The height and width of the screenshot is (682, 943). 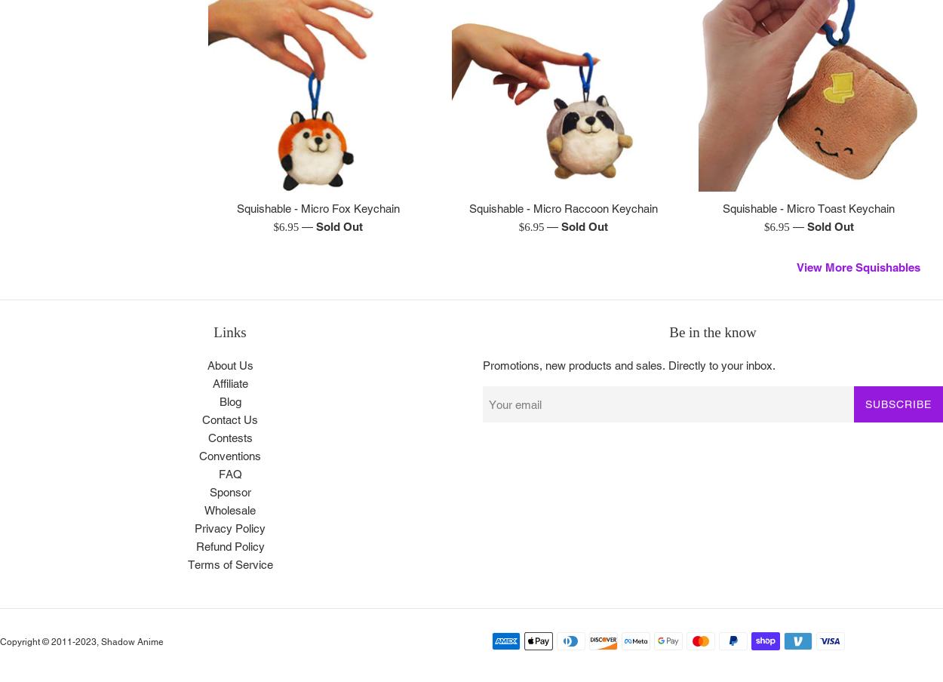 What do you see at coordinates (859, 266) in the screenshot?
I see `'View More Squishables'` at bounding box center [859, 266].